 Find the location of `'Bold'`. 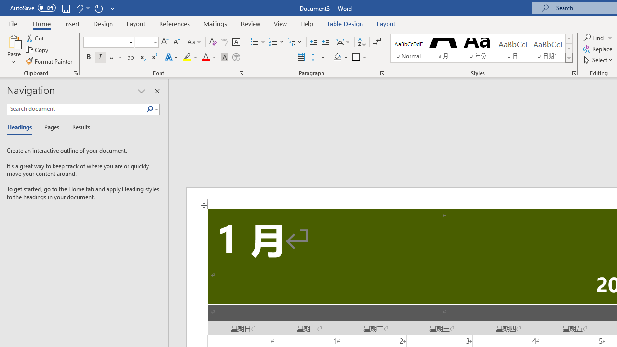

'Bold' is located at coordinates (88, 57).